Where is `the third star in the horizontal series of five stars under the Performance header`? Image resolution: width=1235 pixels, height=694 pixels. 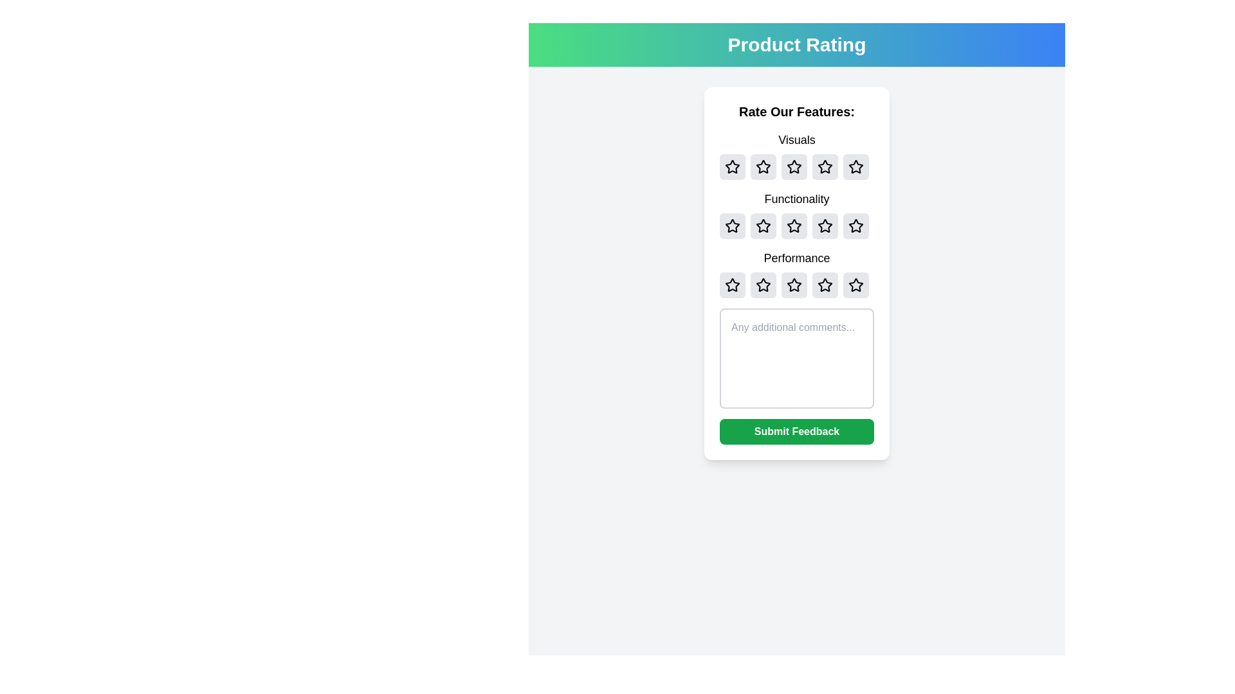
the third star in the horizontal series of five stars under the Performance header is located at coordinates (793, 284).